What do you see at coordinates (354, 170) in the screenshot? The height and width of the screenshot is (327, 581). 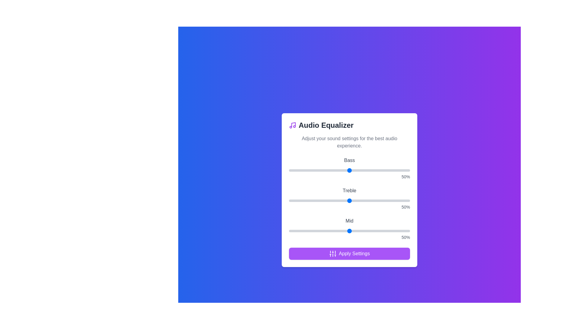 I see `the bass slider to 54%` at bounding box center [354, 170].